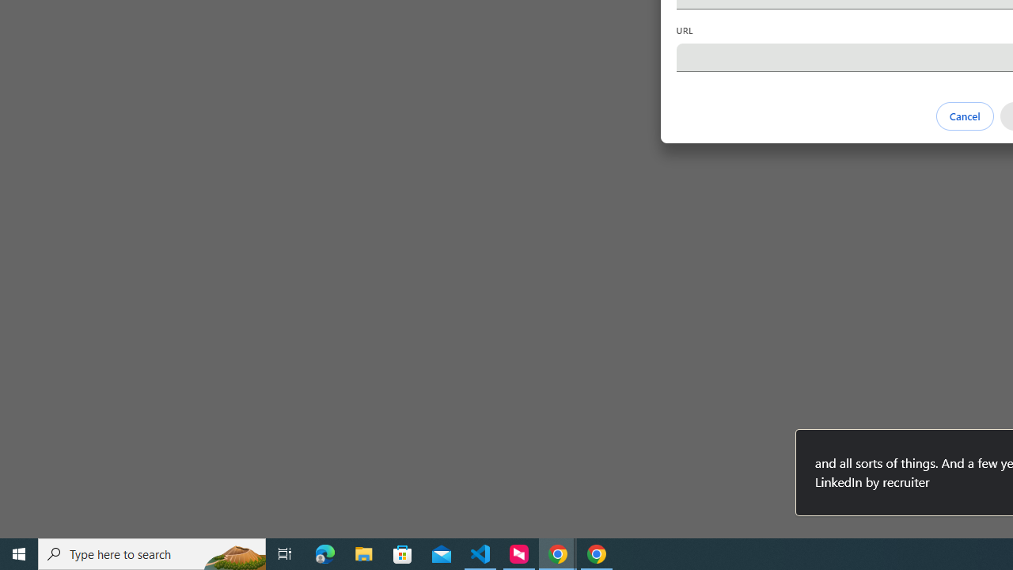  I want to click on 'Cancel', so click(963, 115).